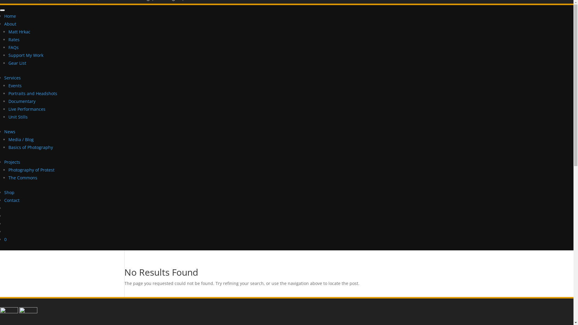 The width and height of the screenshot is (578, 325). What do you see at coordinates (13, 47) in the screenshot?
I see `'FAQs'` at bounding box center [13, 47].